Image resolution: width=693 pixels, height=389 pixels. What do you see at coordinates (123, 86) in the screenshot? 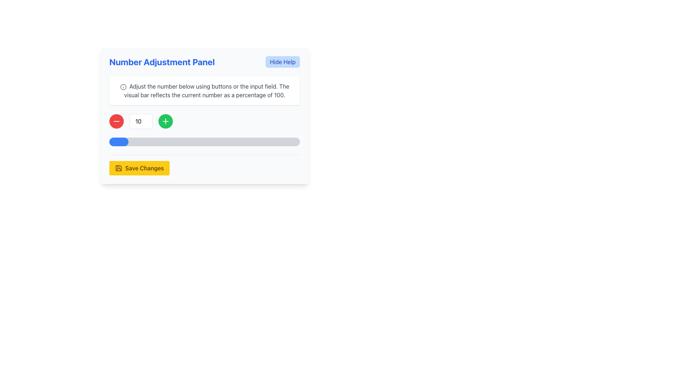
I see `the information icon located inside a white, rounded rectangular panel` at bounding box center [123, 86].